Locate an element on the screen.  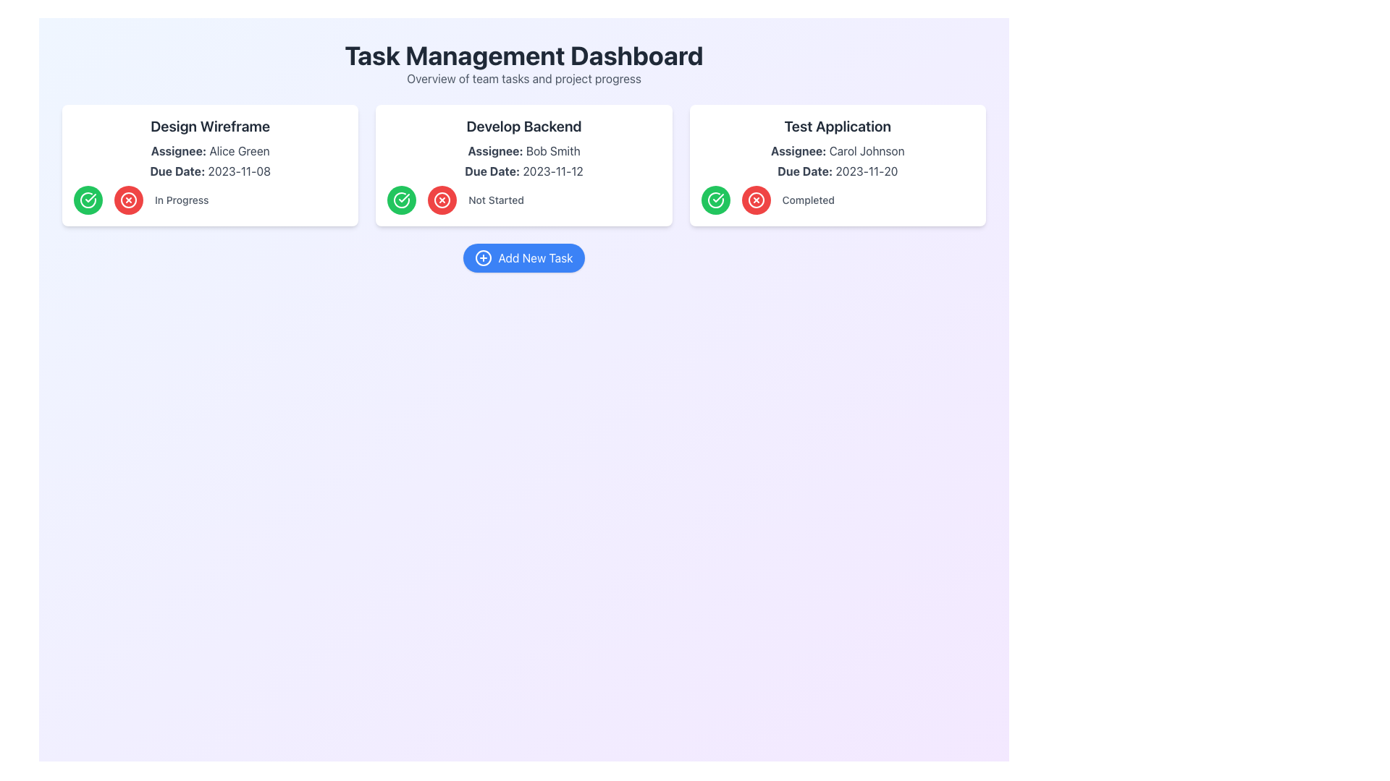
the text label displaying the name of the individual assigned to the task in the 'Test Application' task card, which is positioned below the card's title and above the due date text is located at coordinates (838, 150).